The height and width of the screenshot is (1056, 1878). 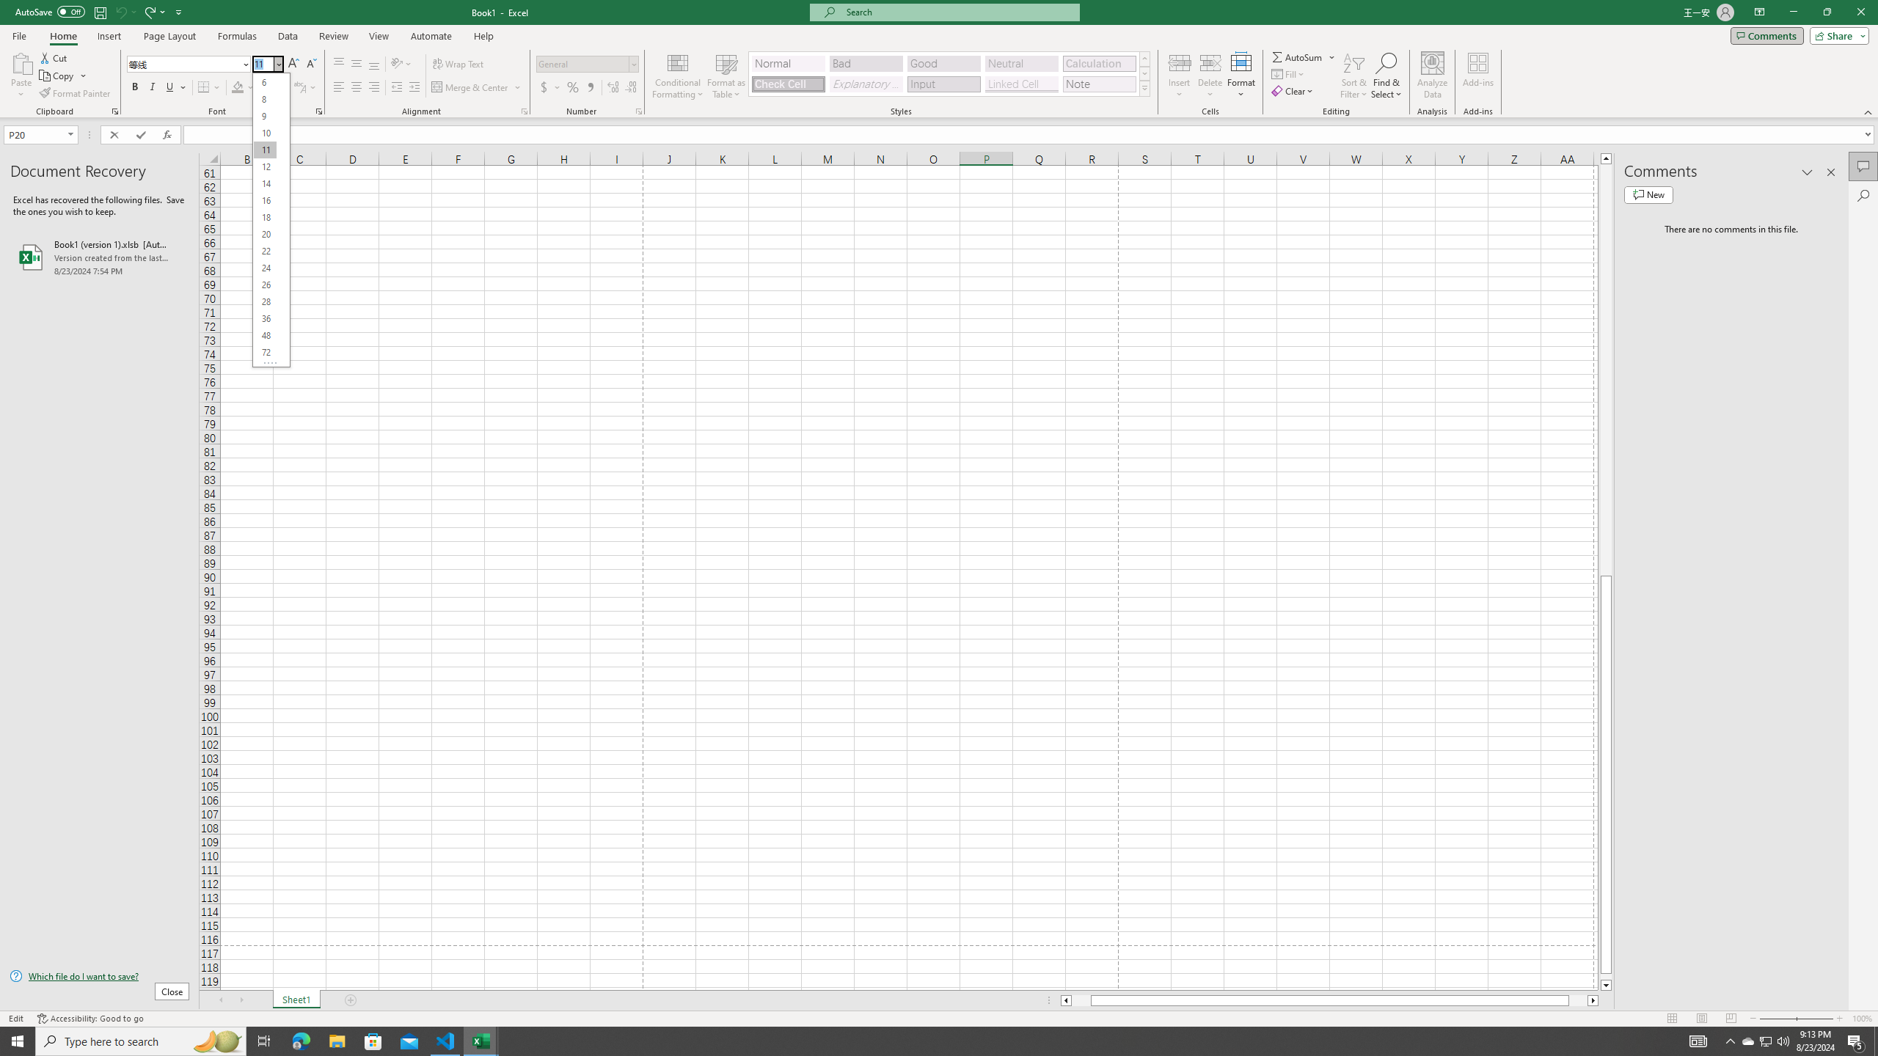 I want to click on 'Italic', so click(x=152, y=87).